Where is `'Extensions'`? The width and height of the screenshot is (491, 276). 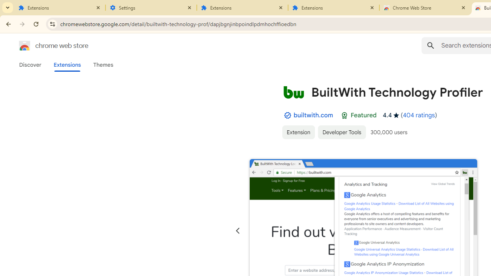
'Extensions' is located at coordinates (59, 8).